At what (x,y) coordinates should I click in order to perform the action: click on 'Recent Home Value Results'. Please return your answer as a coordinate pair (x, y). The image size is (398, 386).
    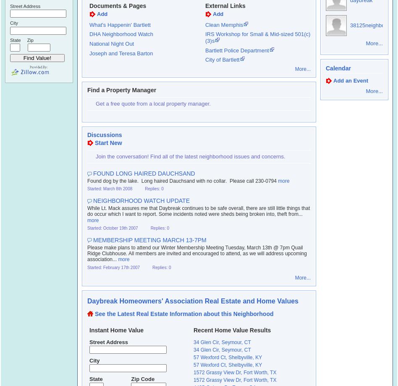
    Looking at the image, I should click on (232, 329).